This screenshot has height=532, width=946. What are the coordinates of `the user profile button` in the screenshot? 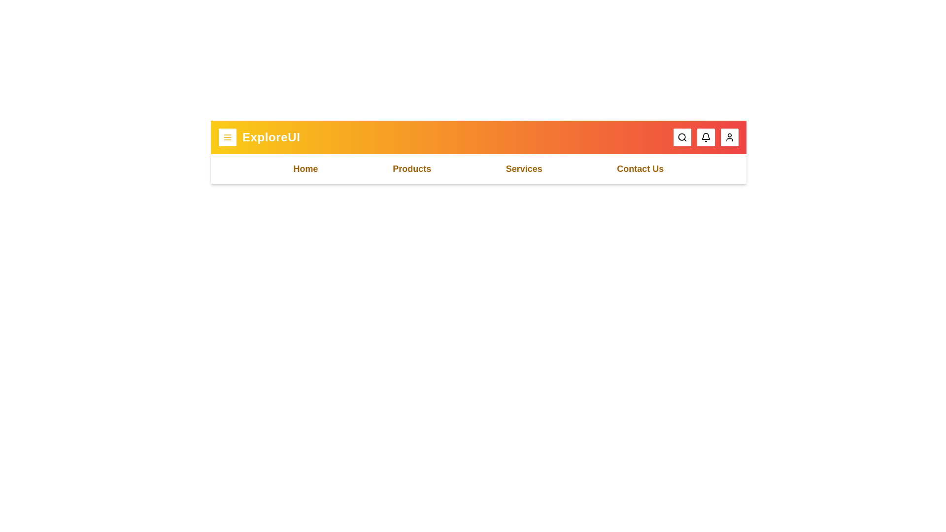 It's located at (730, 137).